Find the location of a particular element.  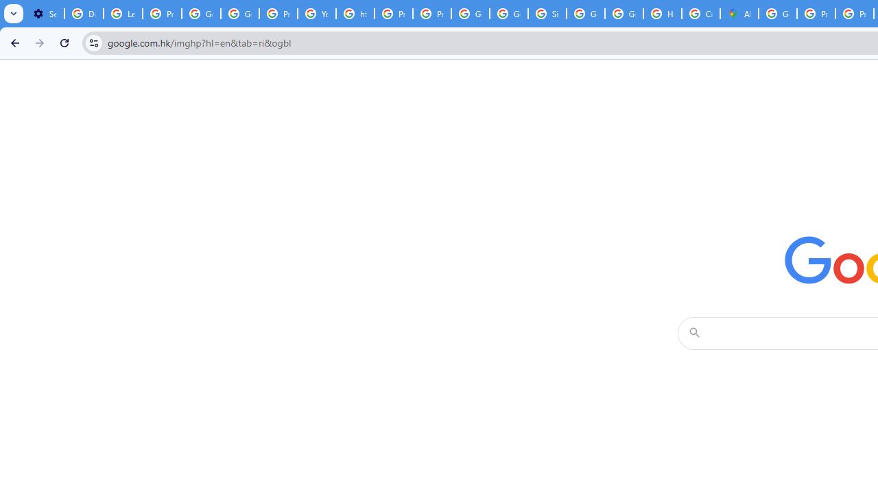

'YouTube' is located at coordinates (316, 14).